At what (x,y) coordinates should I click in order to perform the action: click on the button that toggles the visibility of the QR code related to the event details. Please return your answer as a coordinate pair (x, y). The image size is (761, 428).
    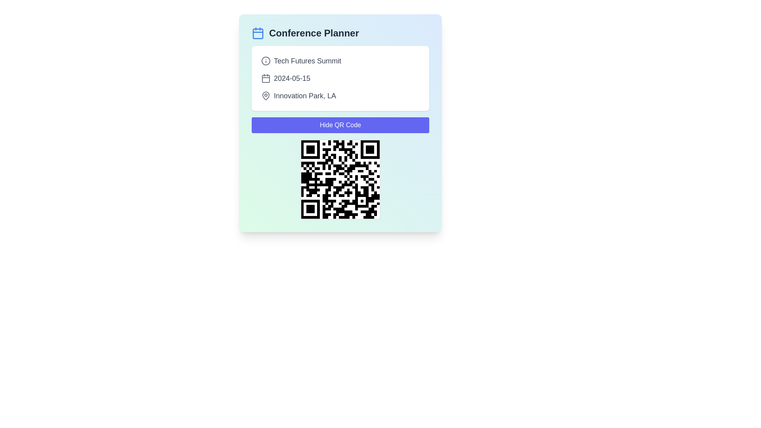
    Looking at the image, I should click on (340, 125).